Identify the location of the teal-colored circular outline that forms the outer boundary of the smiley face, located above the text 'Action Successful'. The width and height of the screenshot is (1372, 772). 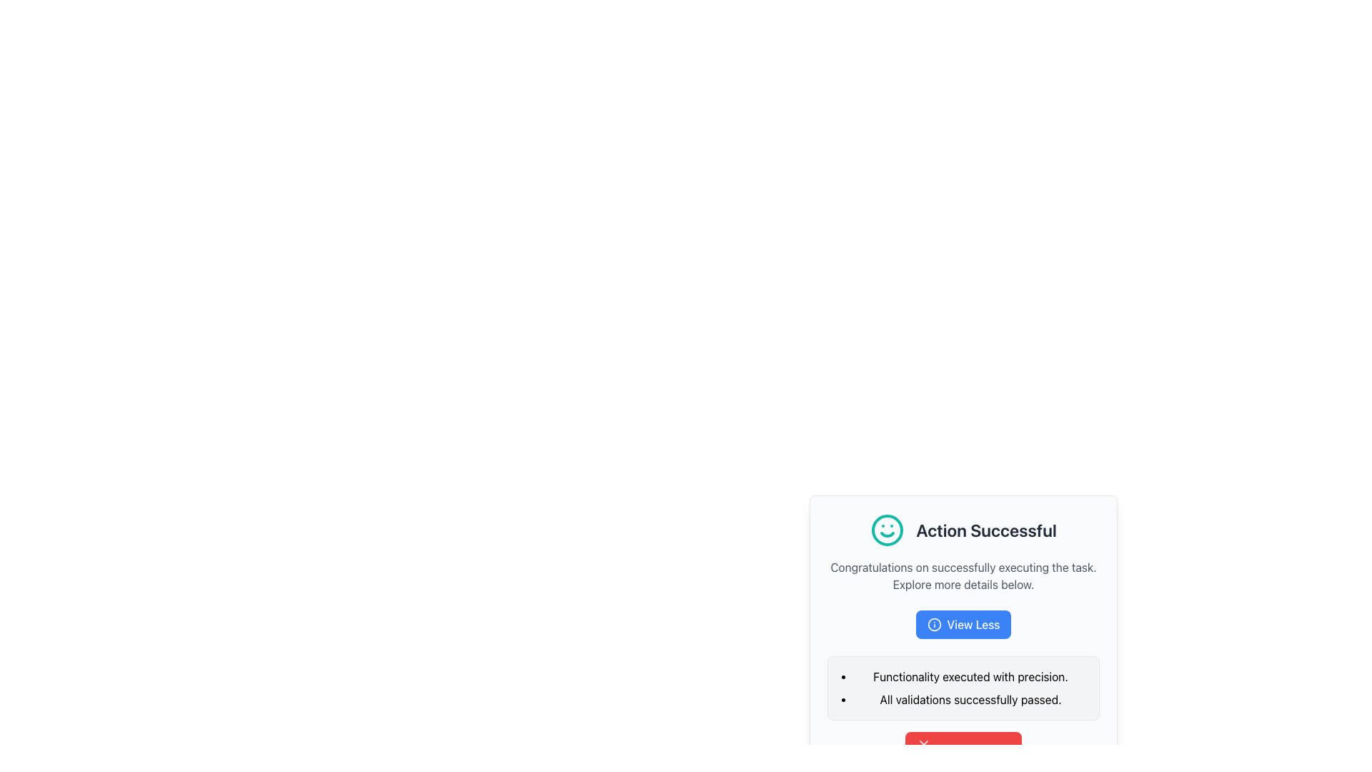
(887, 530).